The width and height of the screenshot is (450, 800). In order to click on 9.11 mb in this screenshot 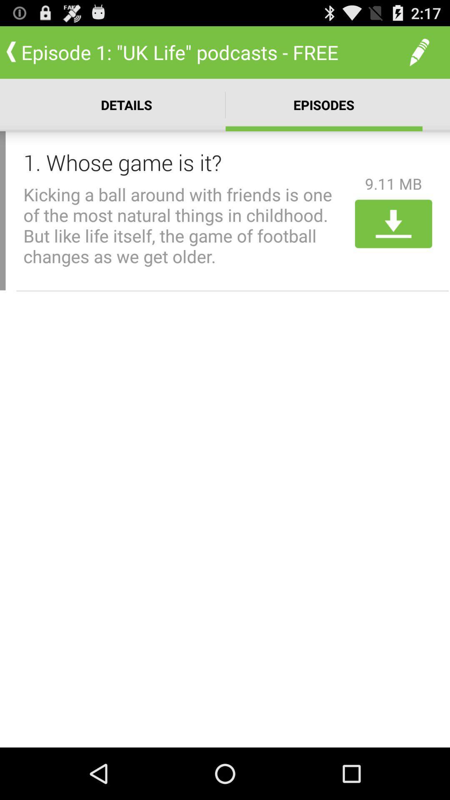, I will do `click(393, 183)`.